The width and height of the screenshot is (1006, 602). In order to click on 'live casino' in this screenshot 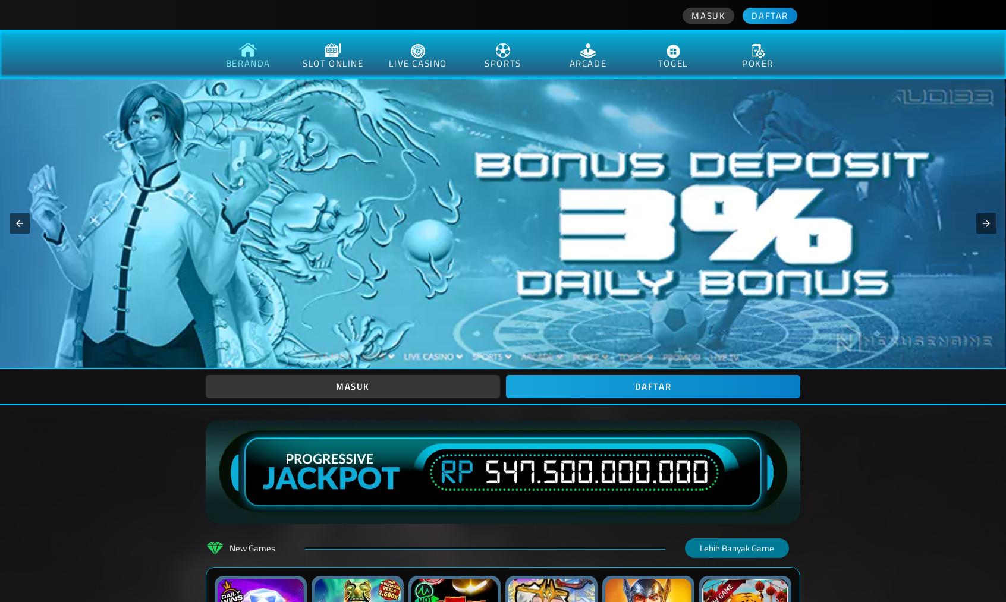, I will do `click(417, 63)`.